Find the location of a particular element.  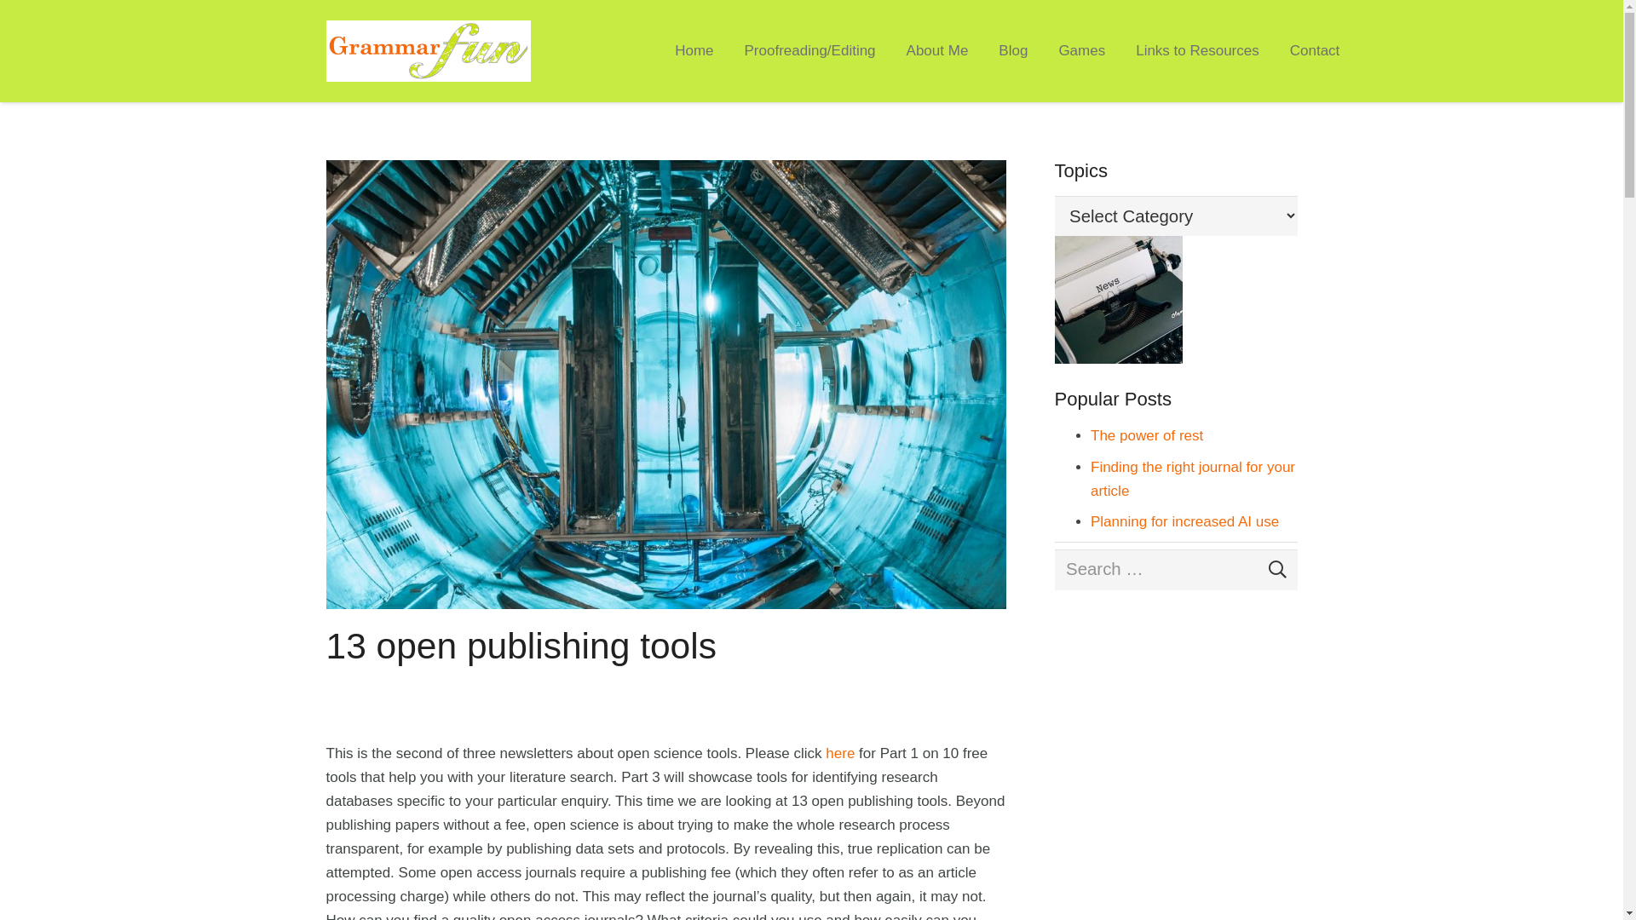

'Planning for increased AI use' is located at coordinates (1184, 520).